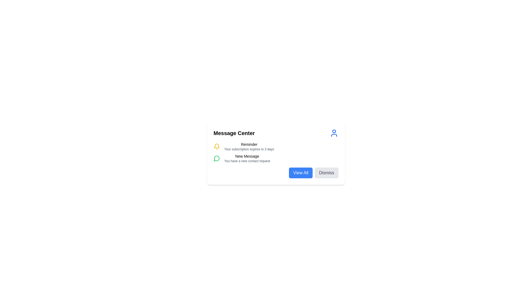 The image size is (517, 290). I want to click on the notification label that indicates the presence of a new message in the application, located in the bottom right quadrant of the interface under the 'Reminder' section, so click(247, 156).